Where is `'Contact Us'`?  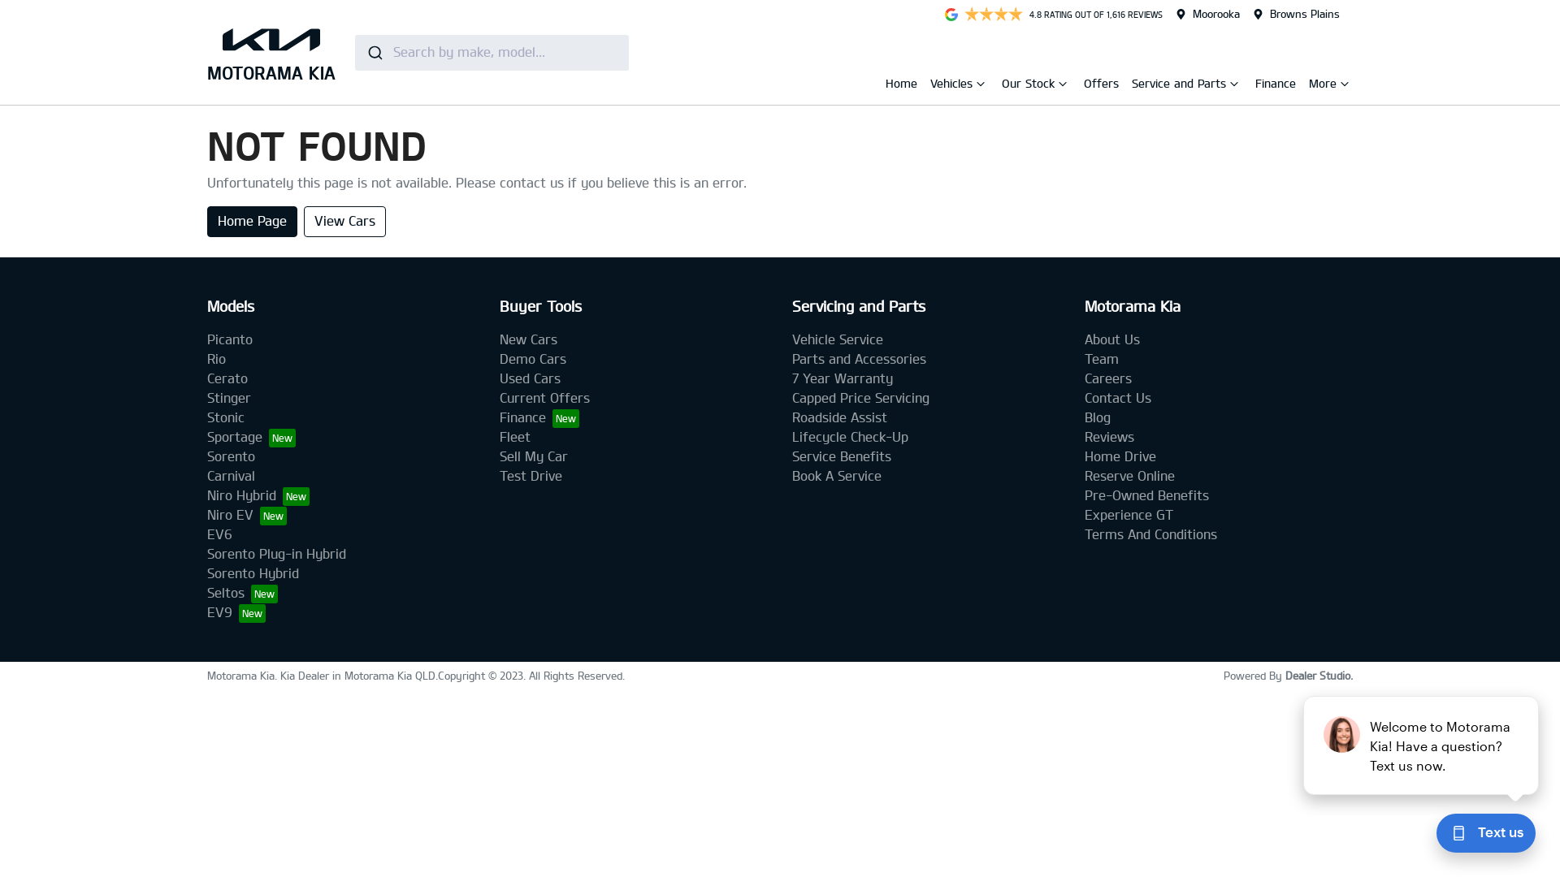
'Contact Us' is located at coordinates (1117, 398).